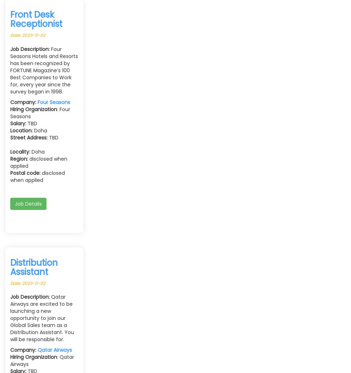 This screenshot has width=351, height=373. Describe the element at coordinates (54, 101) in the screenshot. I see `'Four Seasons'` at that location.